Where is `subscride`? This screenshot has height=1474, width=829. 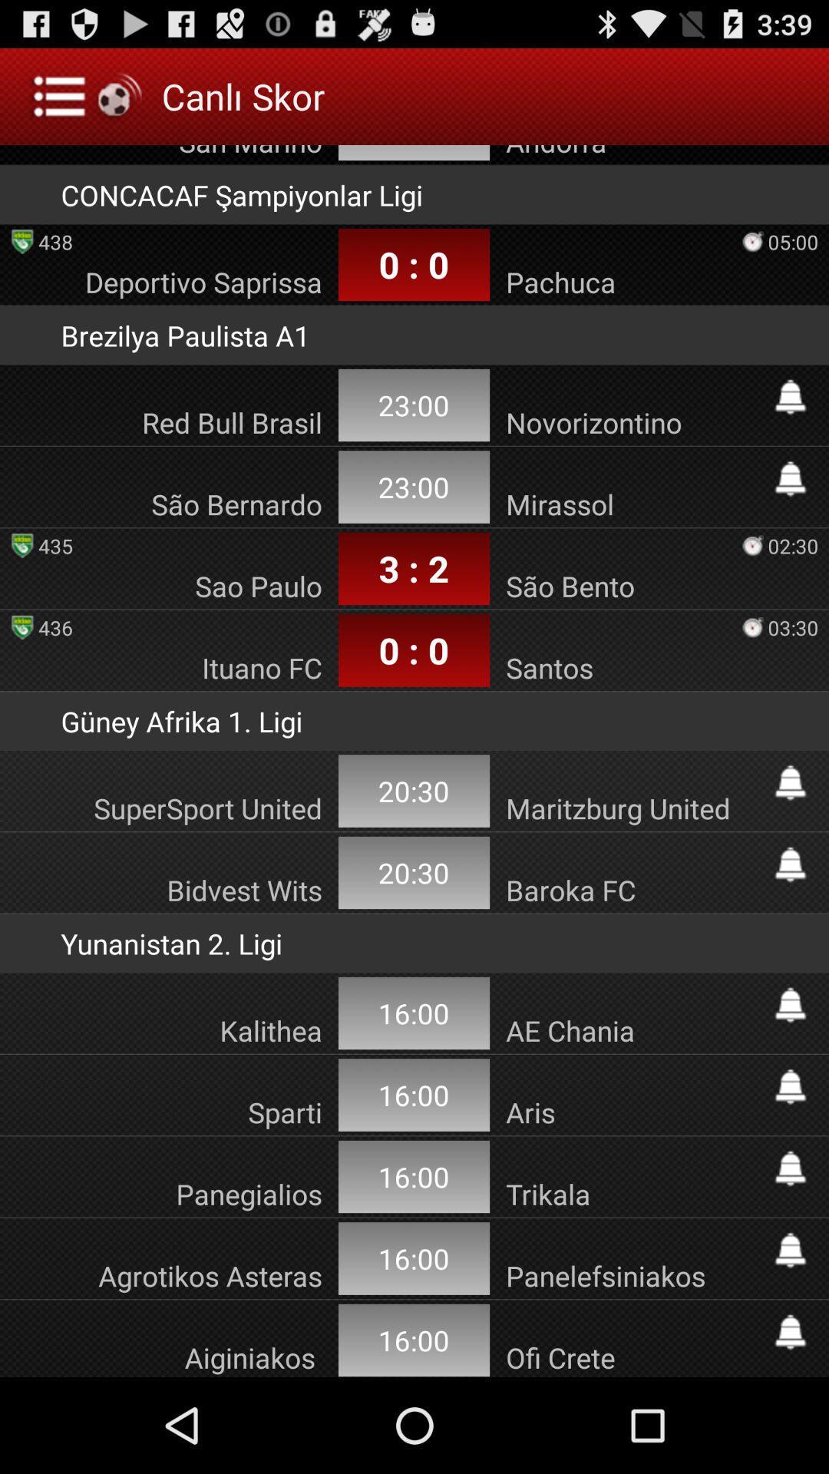
subscride is located at coordinates (790, 1005).